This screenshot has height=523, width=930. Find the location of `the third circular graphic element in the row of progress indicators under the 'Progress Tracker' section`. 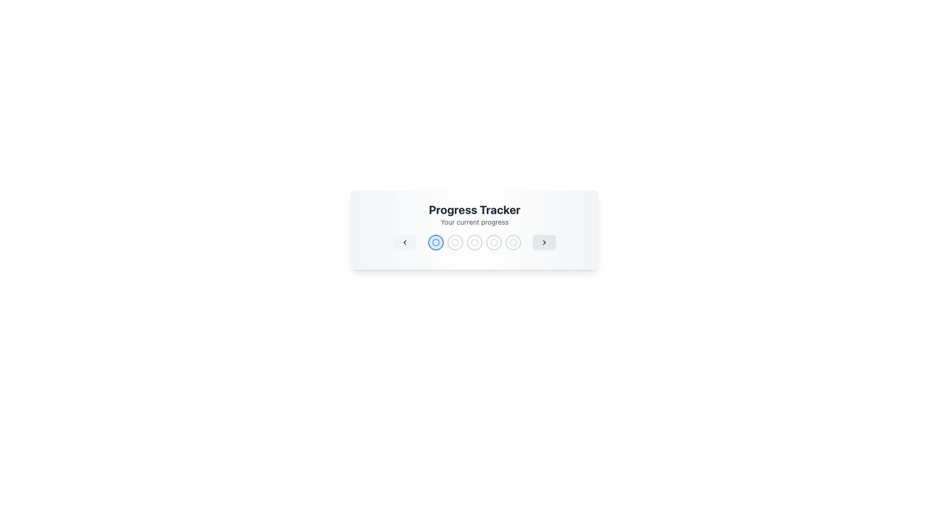

the third circular graphic element in the row of progress indicators under the 'Progress Tracker' section is located at coordinates (474, 242).